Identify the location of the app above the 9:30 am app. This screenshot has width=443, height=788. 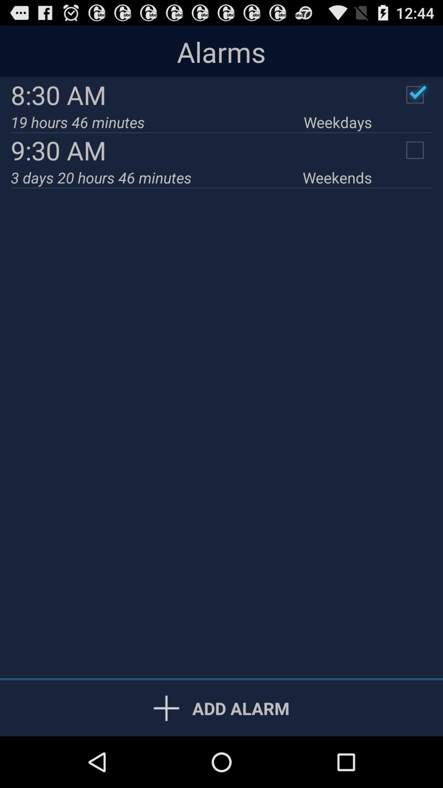
(338, 121).